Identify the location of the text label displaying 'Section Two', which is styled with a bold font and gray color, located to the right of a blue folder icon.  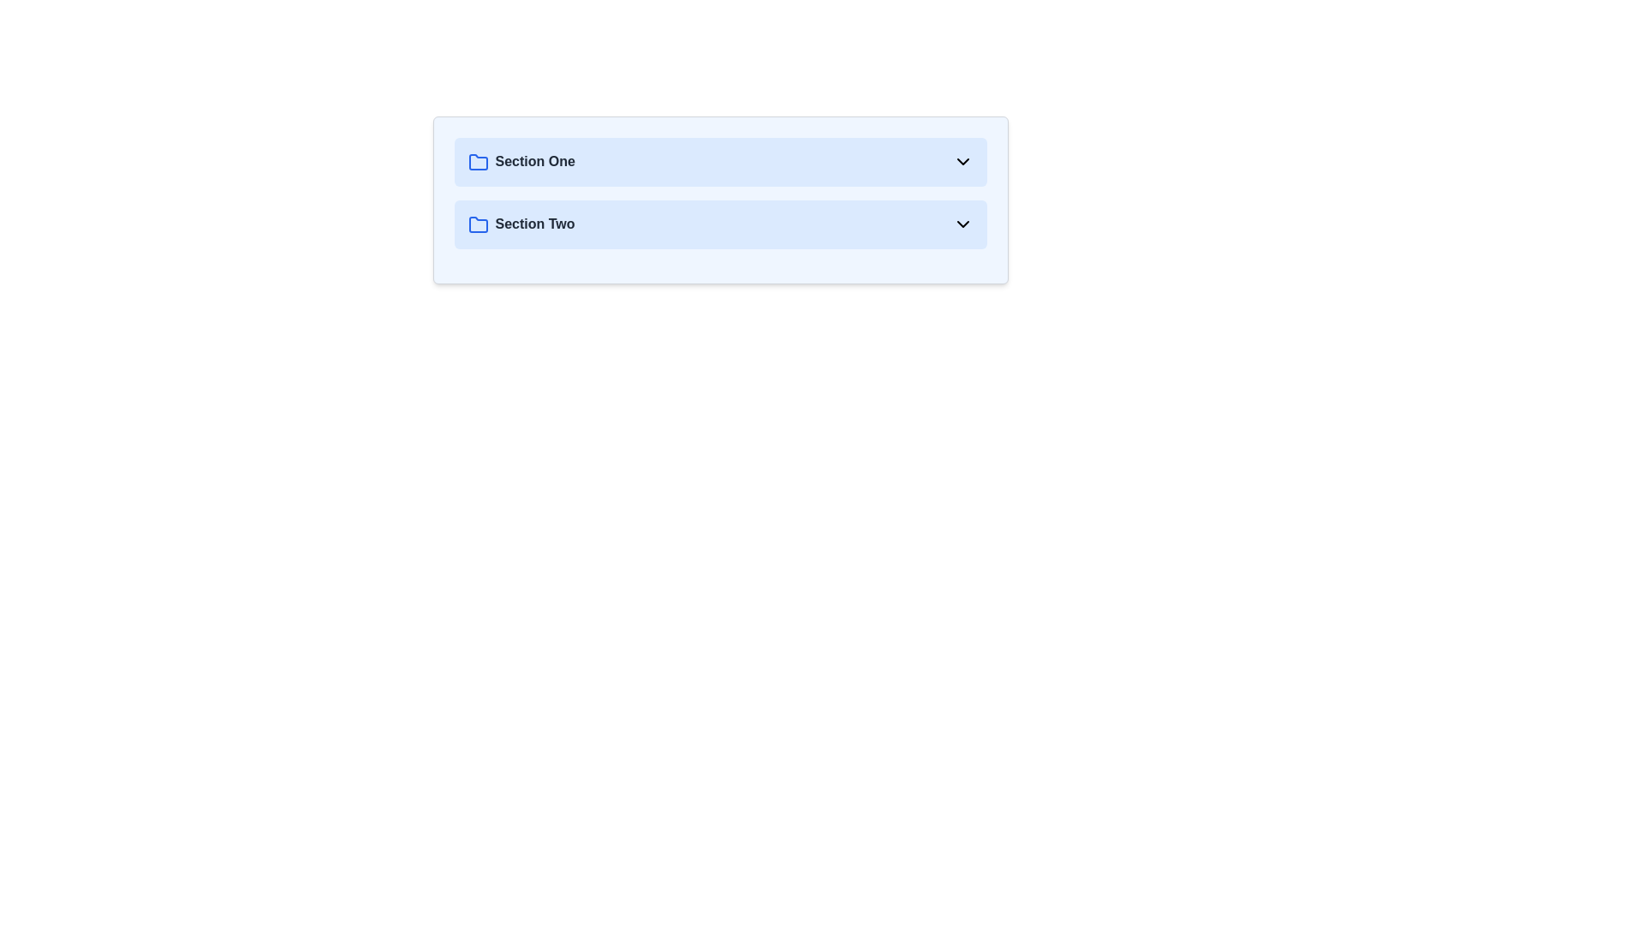
(521, 224).